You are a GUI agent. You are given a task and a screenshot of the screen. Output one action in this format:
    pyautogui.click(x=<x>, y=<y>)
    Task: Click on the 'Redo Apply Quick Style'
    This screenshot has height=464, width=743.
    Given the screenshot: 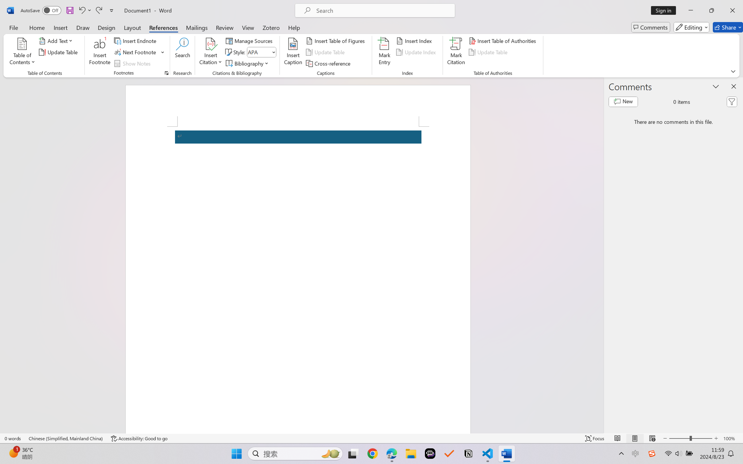 What is the action you would take?
    pyautogui.click(x=98, y=10)
    